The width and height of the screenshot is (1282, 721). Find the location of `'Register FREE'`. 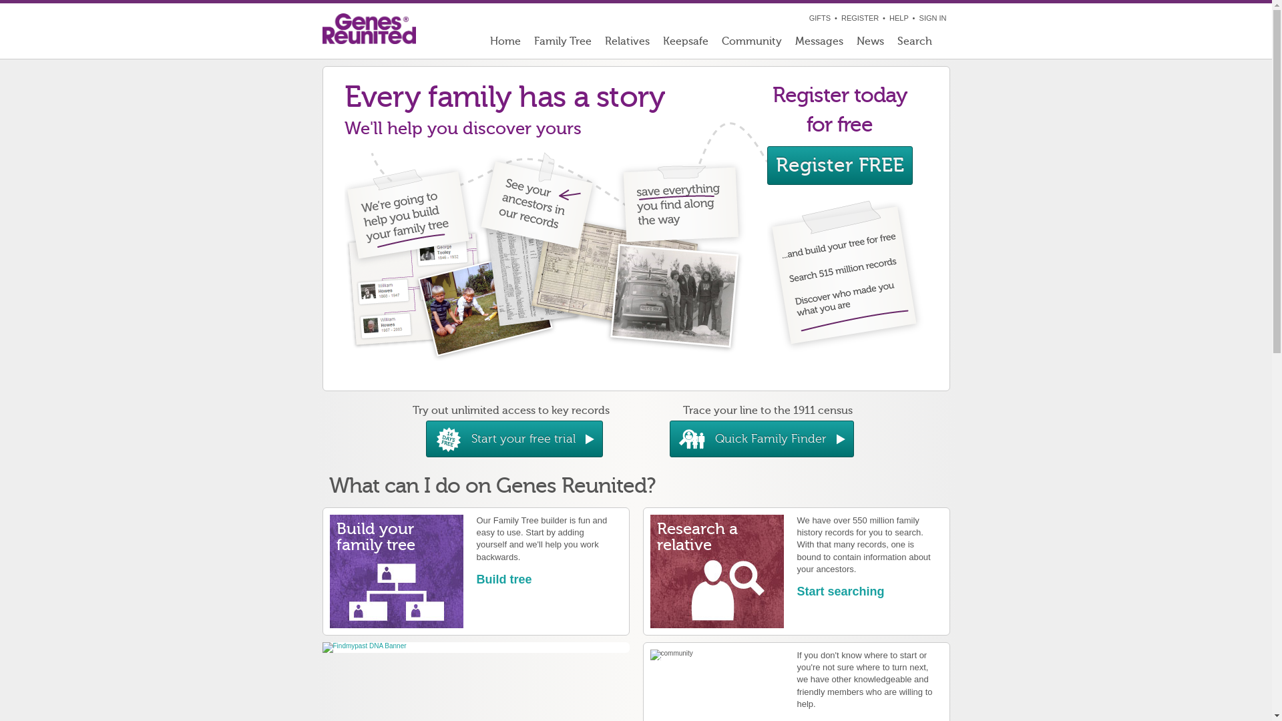

'Register FREE' is located at coordinates (839, 164).